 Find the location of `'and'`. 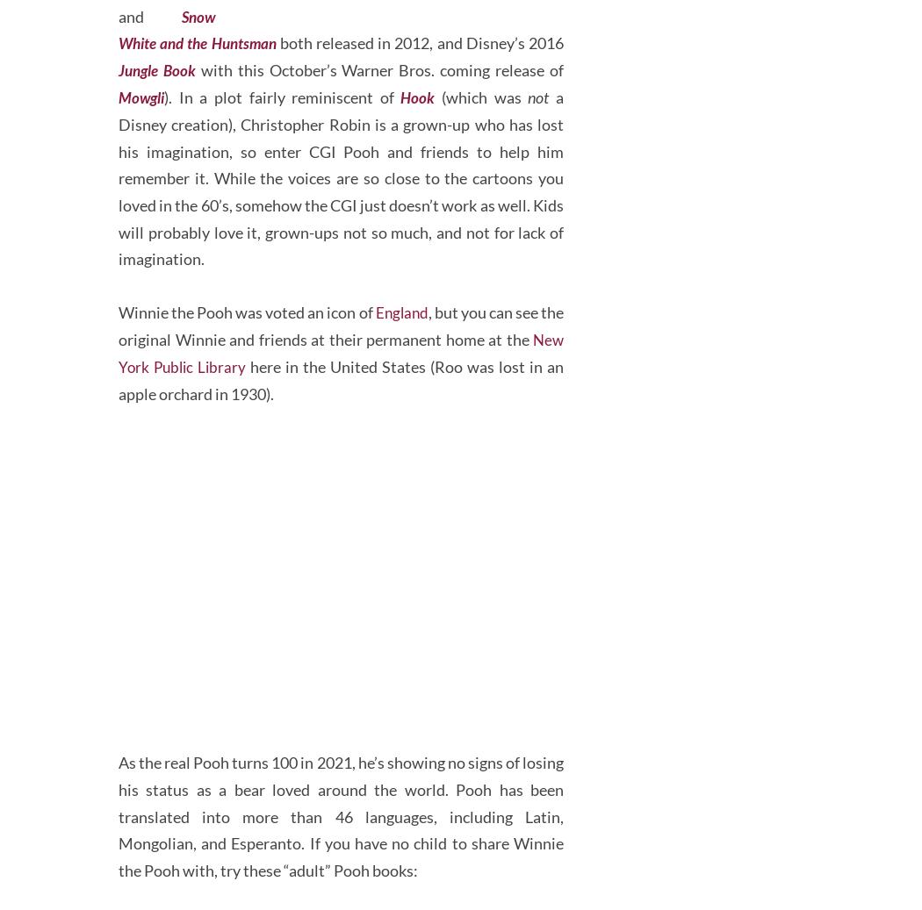

'and' is located at coordinates (148, 81).